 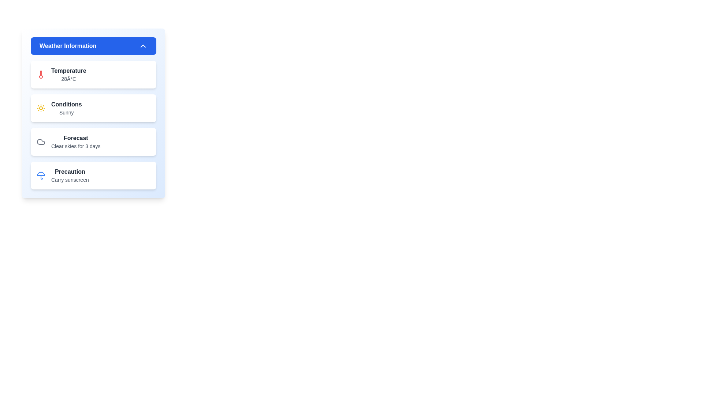 I want to click on the clear skies cloud icon located on the left side of the 'Forecast' card in the 'Weather Information' section, which is the third card from the top, so click(x=40, y=142).